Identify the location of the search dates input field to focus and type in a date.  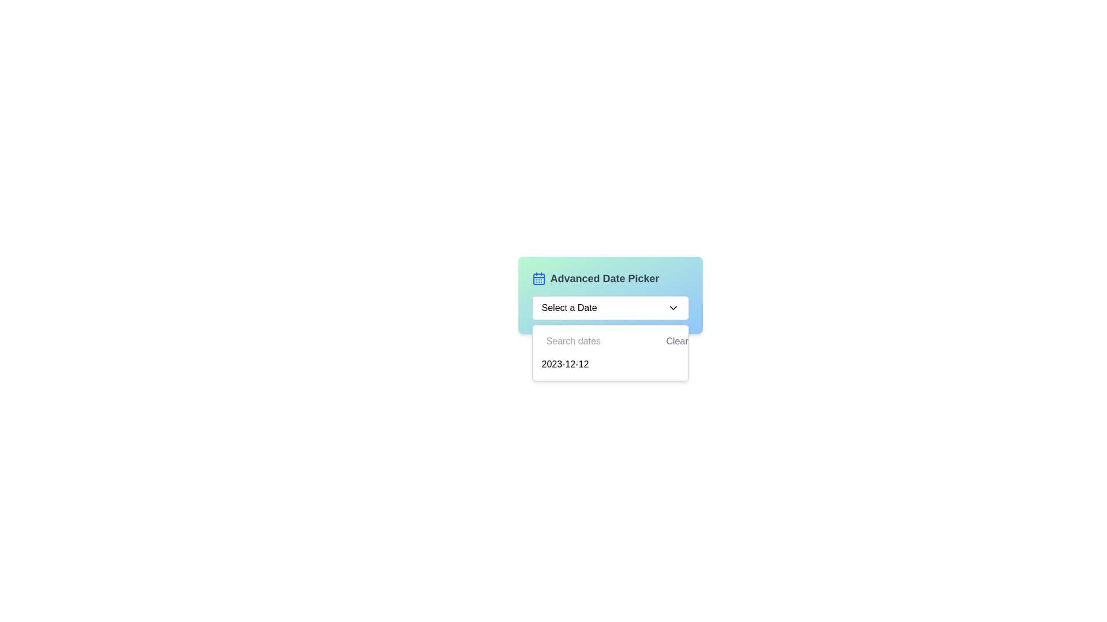
(603, 341).